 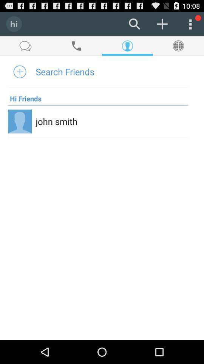 I want to click on hi friends, so click(x=25, y=96).